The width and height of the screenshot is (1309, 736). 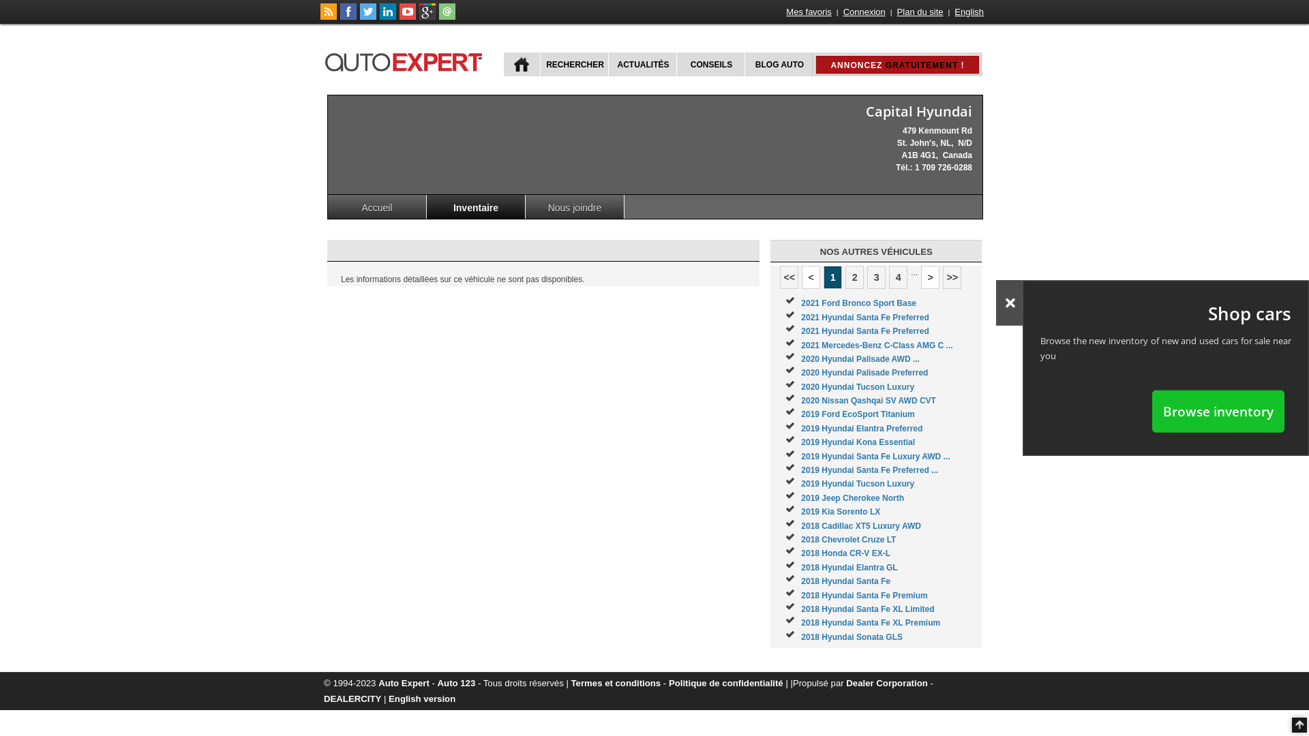 I want to click on '2019 Hyundai Kona Essential', so click(x=857, y=442).